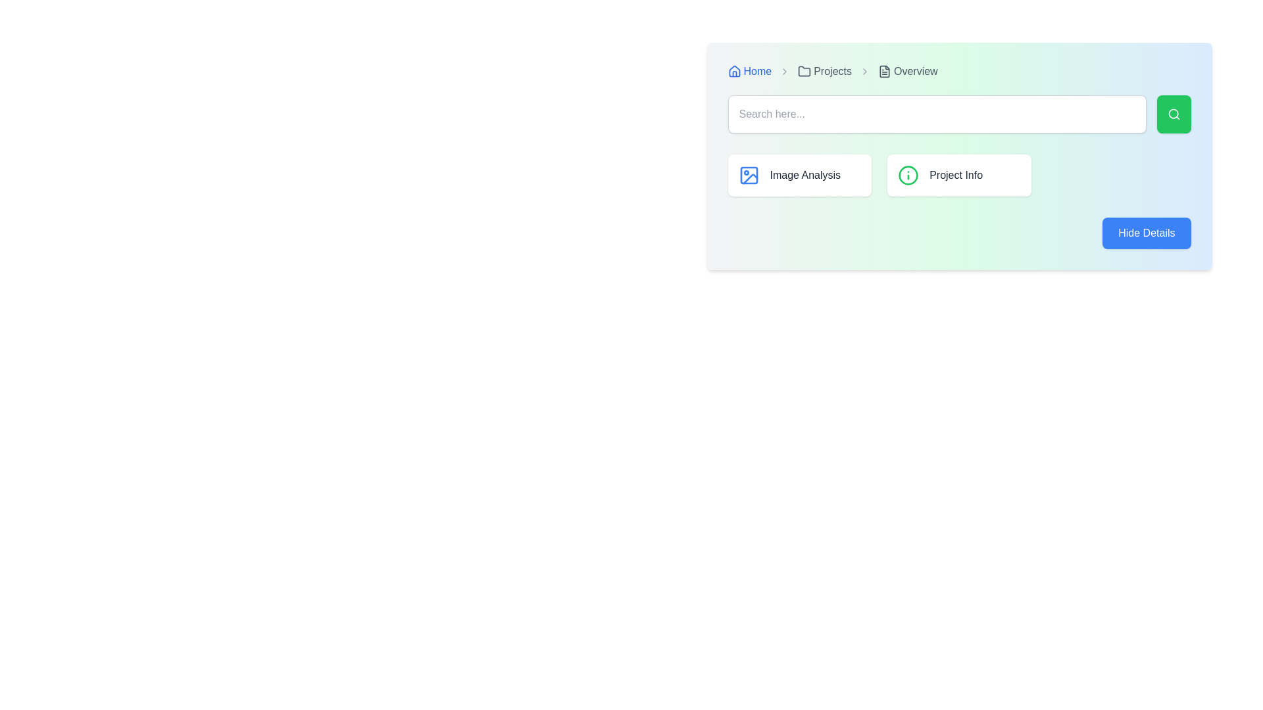 Image resolution: width=1263 pixels, height=710 pixels. What do you see at coordinates (733, 71) in the screenshot?
I see `the 'Home' icon in the breadcrumb navigation bar` at bounding box center [733, 71].